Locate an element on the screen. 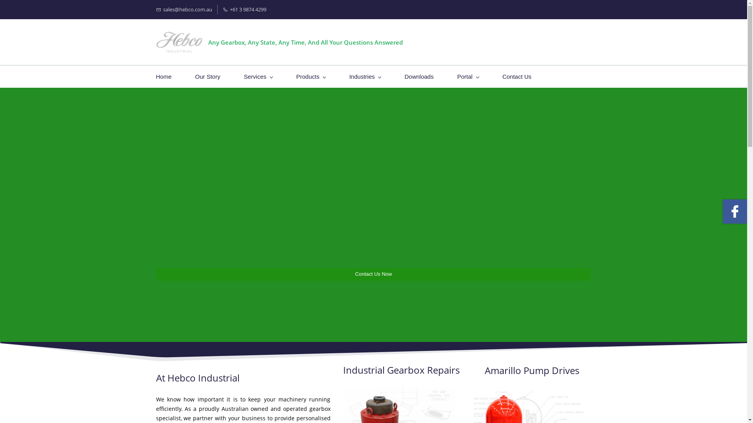 The width and height of the screenshot is (753, 423). 'Products' is located at coordinates (310, 76).